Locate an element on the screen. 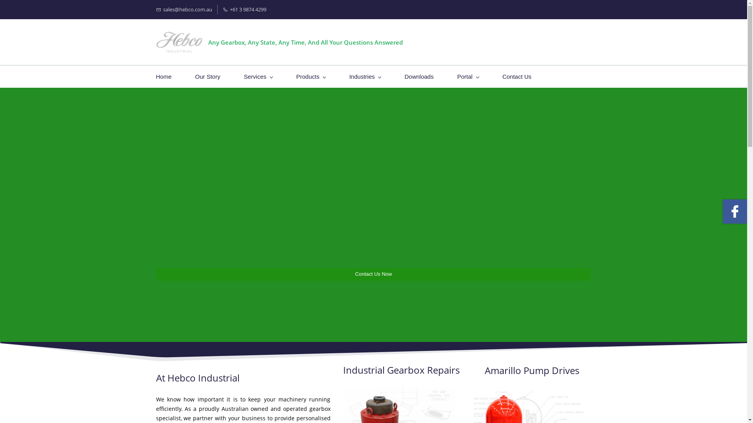 The width and height of the screenshot is (753, 423). 'Products' is located at coordinates (310, 76).